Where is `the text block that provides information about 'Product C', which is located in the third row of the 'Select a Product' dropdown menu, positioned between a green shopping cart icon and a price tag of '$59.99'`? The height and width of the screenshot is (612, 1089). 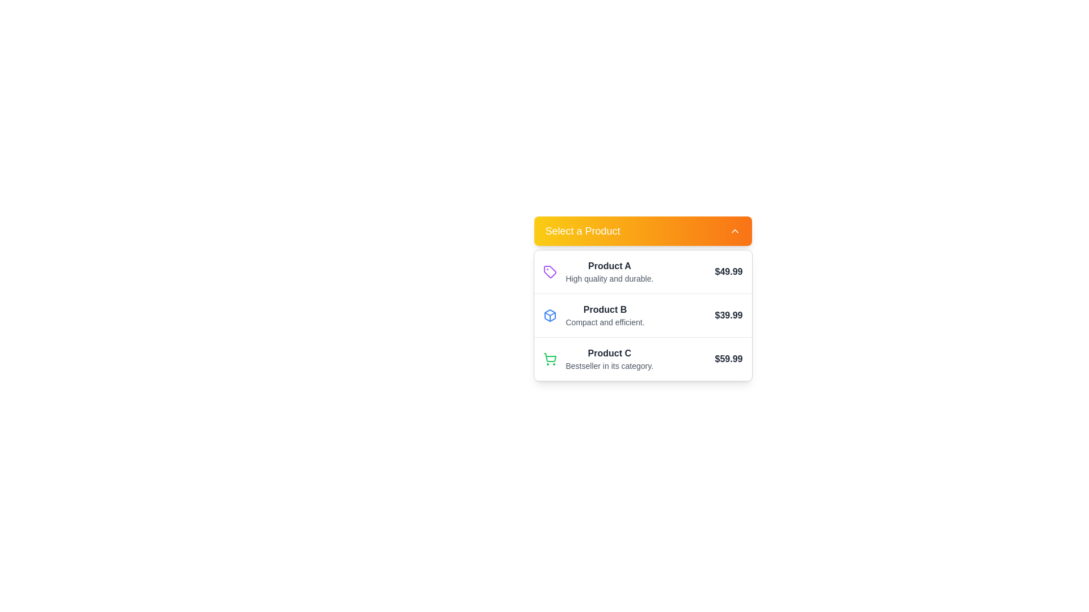
the text block that provides information about 'Product C', which is located in the third row of the 'Select a Product' dropdown menu, positioned between a green shopping cart icon and a price tag of '$59.99' is located at coordinates (609, 359).